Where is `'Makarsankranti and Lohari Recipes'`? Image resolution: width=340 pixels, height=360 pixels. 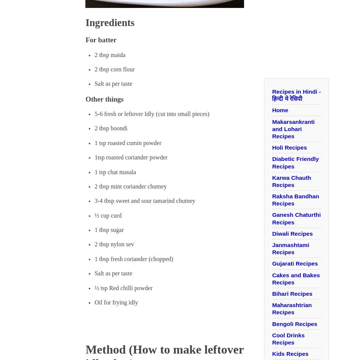
'Makarsankranti and Lohari Recipes' is located at coordinates (293, 128).